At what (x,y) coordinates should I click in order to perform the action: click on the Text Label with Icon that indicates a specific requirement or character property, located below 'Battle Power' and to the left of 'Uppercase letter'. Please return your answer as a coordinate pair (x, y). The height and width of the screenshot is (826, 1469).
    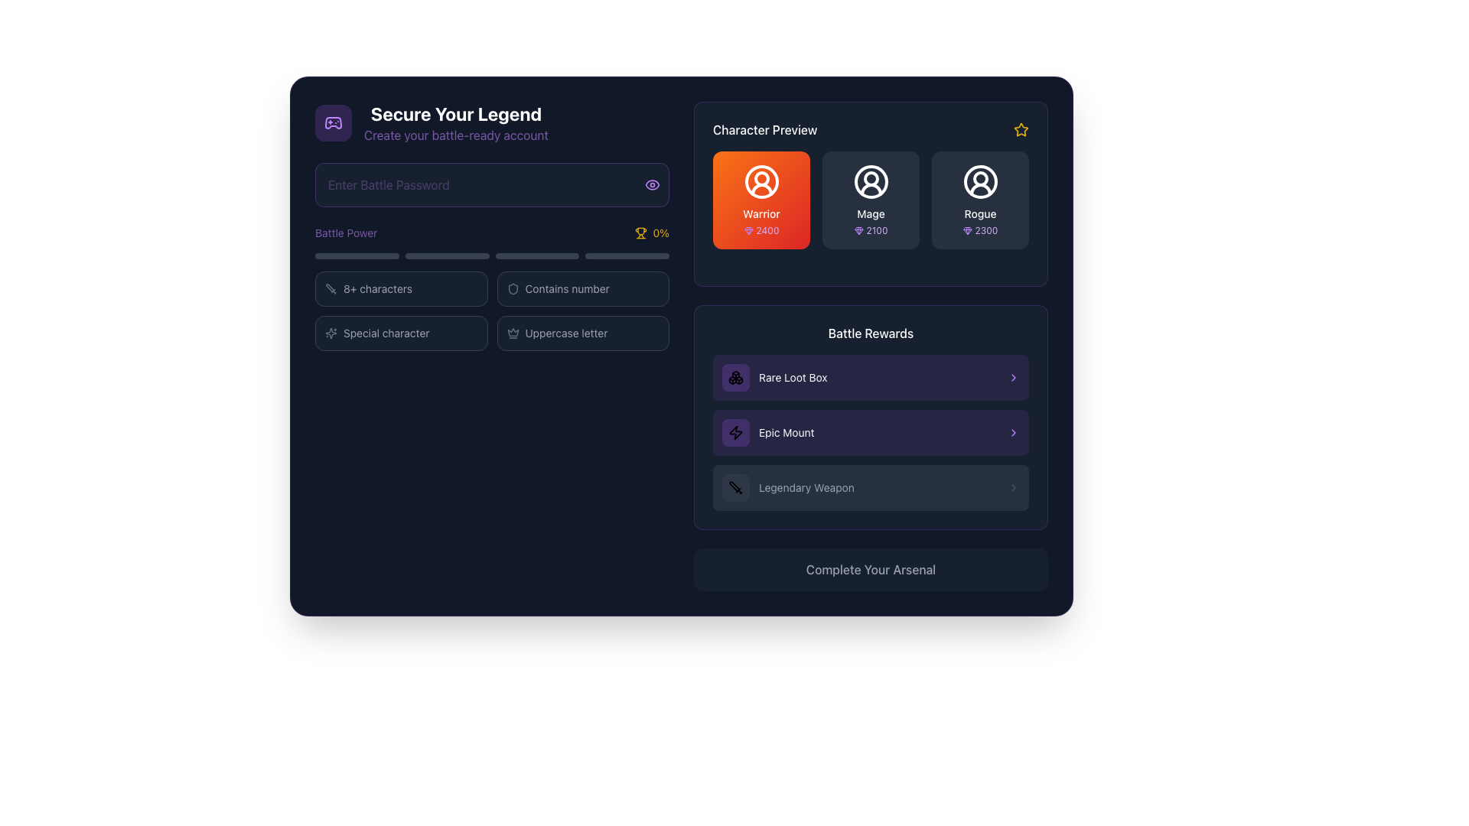
    Looking at the image, I should click on (401, 332).